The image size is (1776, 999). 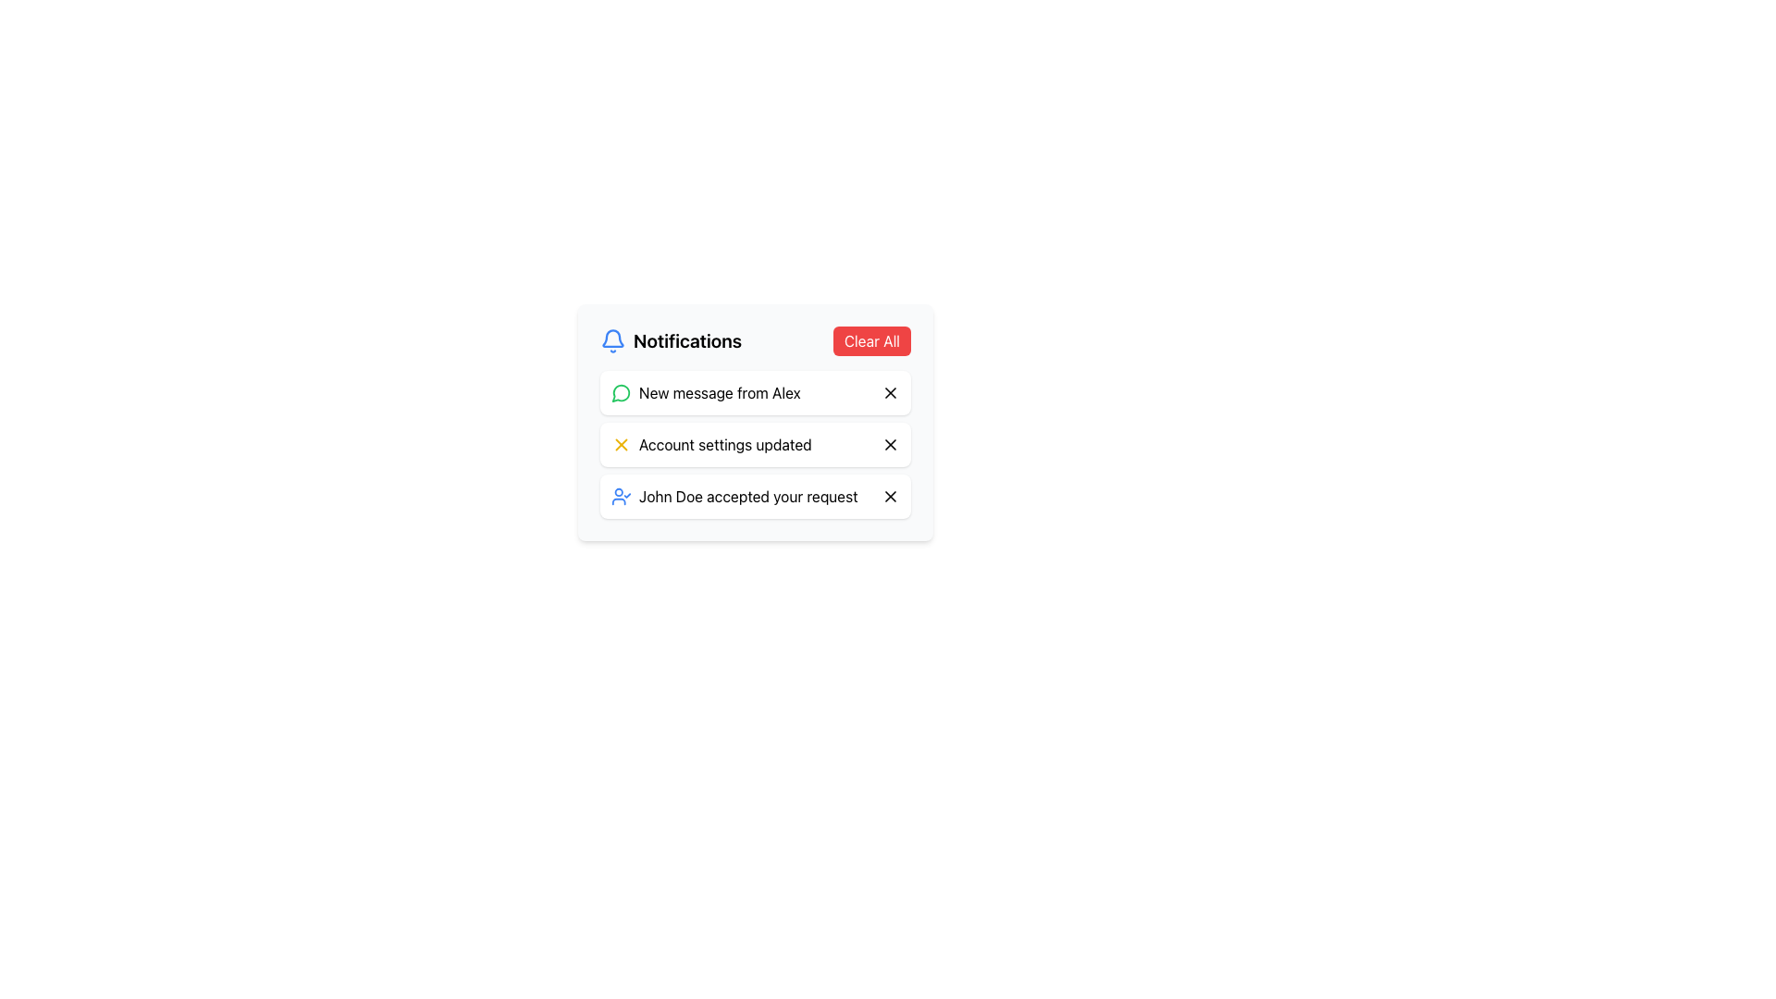 What do you see at coordinates (622, 445) in the screenshot?
I see `the dismiss button icon located in the notification panel next to the 'Account settings updated' message` at bounding box center [622, 445].